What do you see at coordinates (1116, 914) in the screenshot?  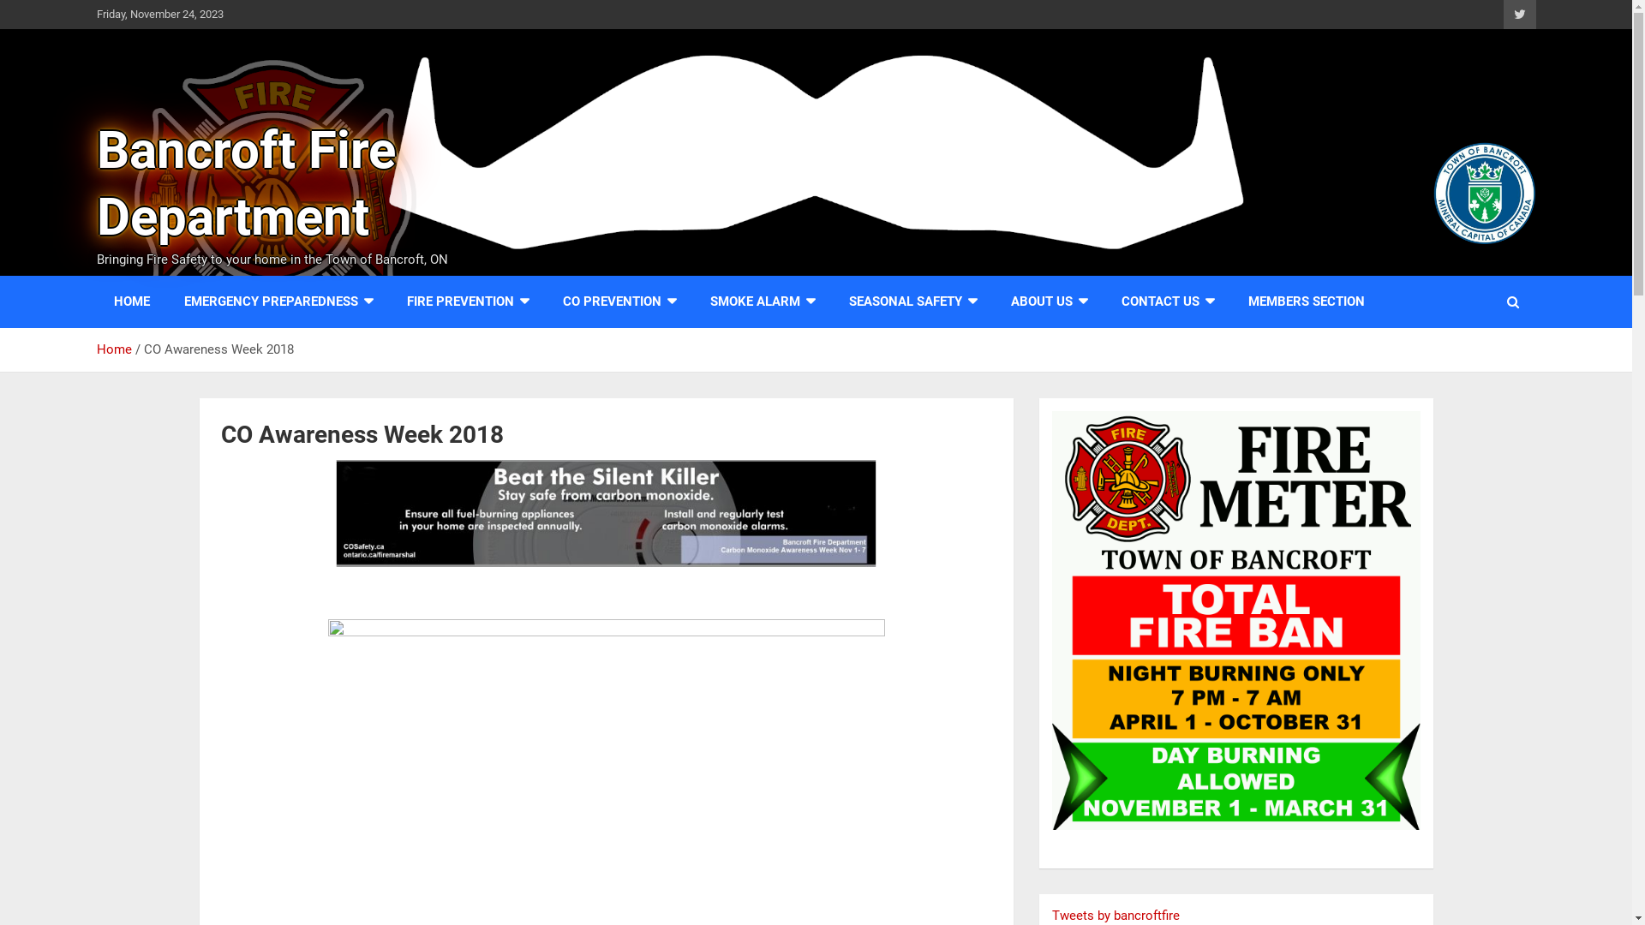 I see `'Tweets by bancroftfire'` at bounding box center [1116, 914].